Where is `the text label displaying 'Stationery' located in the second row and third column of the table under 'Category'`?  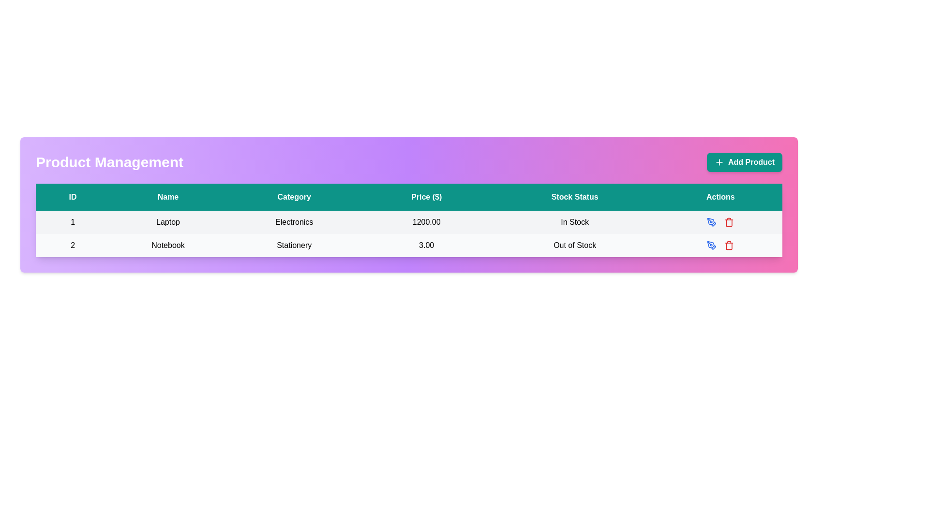
the text label displaying 'Stationery' located in the second row and third column of the table under 'Category' is located at coordinates (294, 245).